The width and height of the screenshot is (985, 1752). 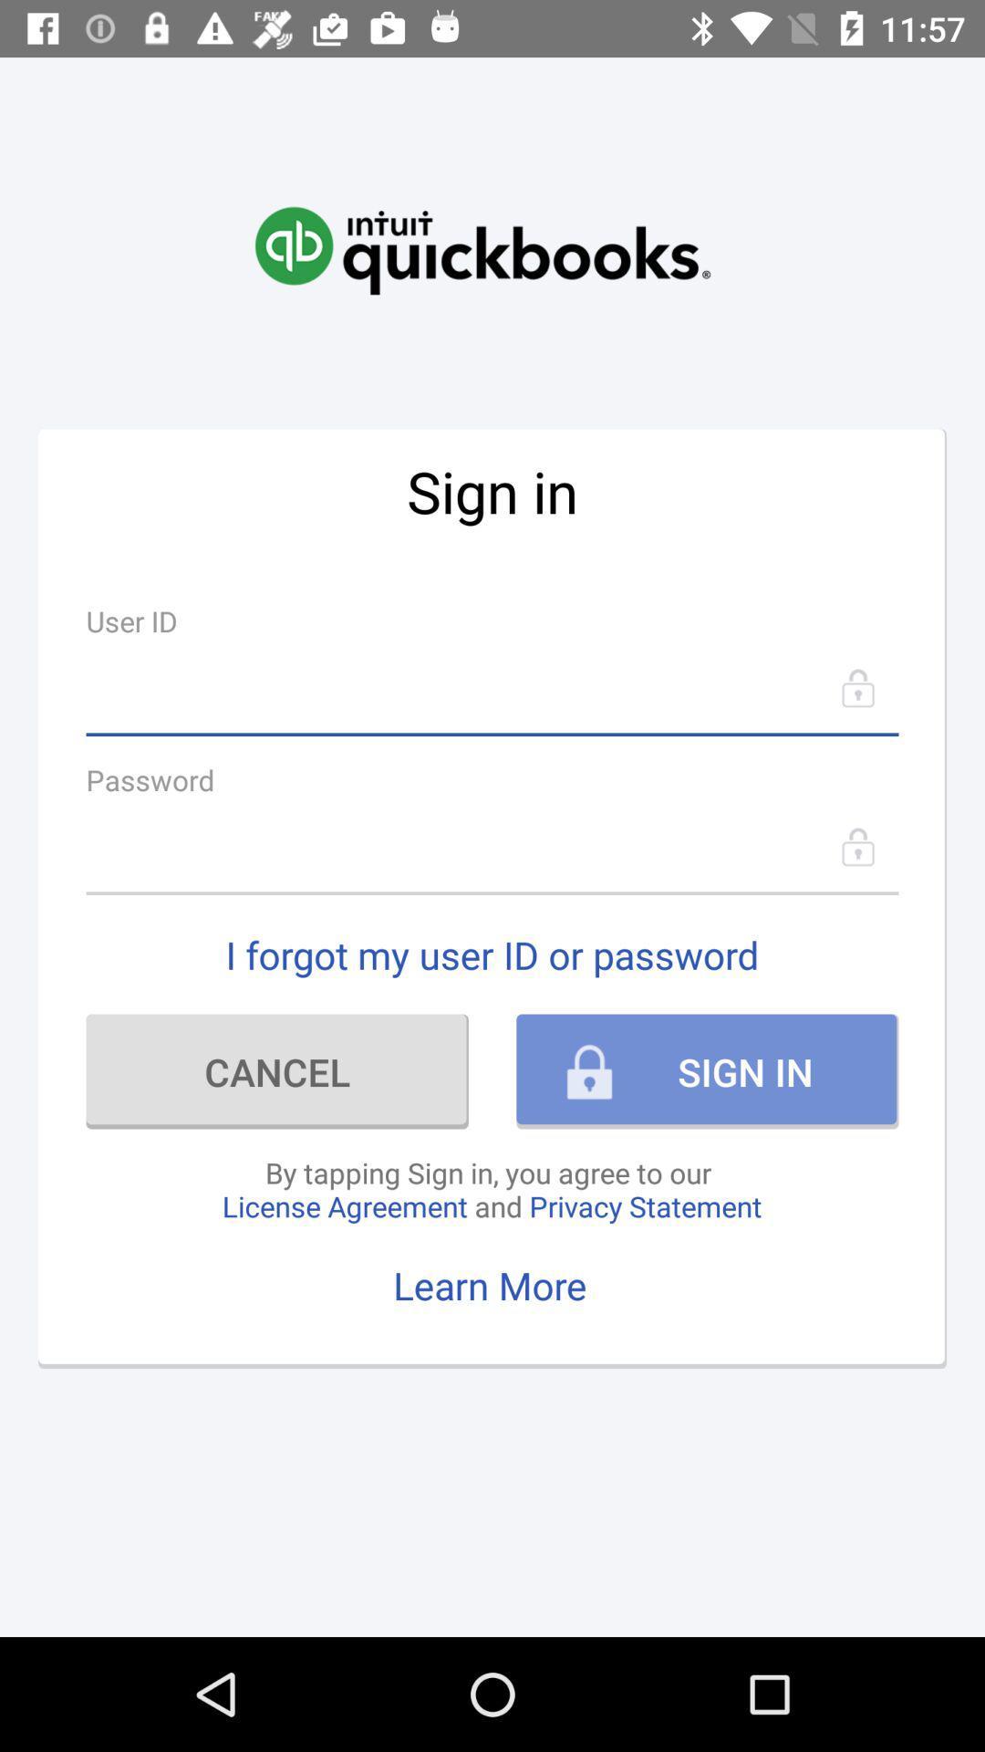 What do you see at coordinates (491, 1189) in the screenshot?
I see `the icon above learn more` at bounding box center [491, 1189].